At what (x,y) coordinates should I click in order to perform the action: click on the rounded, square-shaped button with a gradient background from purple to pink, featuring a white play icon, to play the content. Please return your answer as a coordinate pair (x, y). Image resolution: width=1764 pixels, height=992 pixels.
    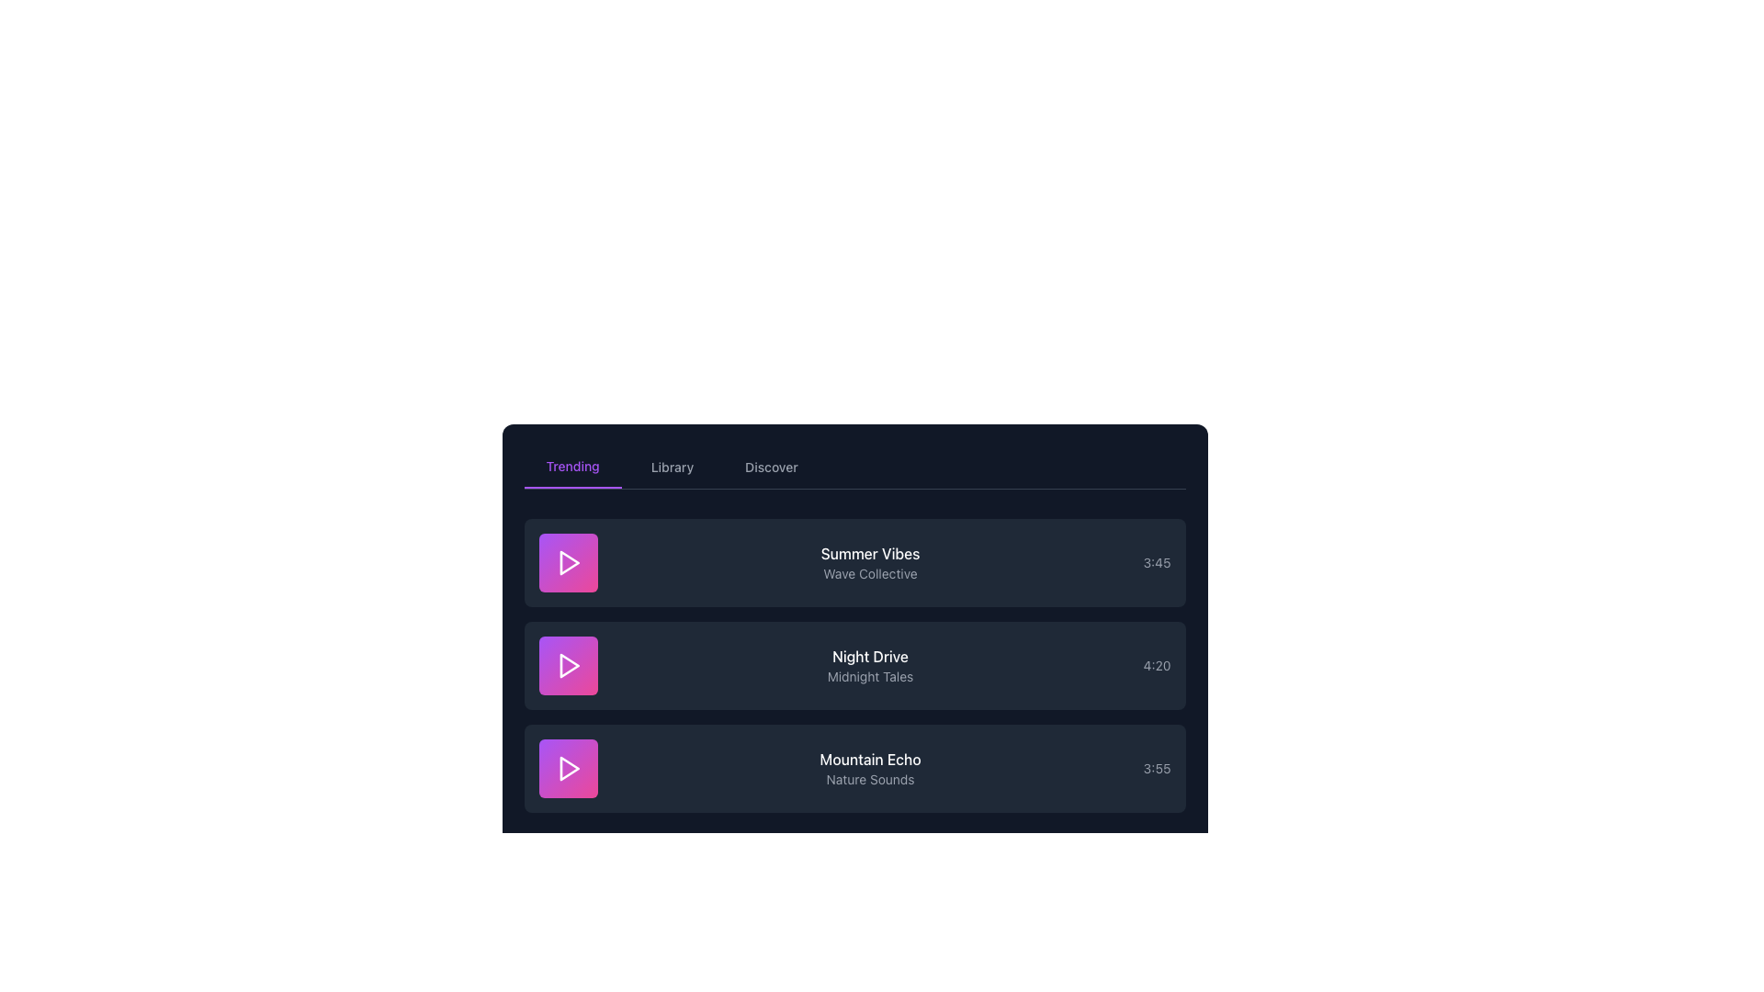
    Looking at the image, I should click on (567, 562).